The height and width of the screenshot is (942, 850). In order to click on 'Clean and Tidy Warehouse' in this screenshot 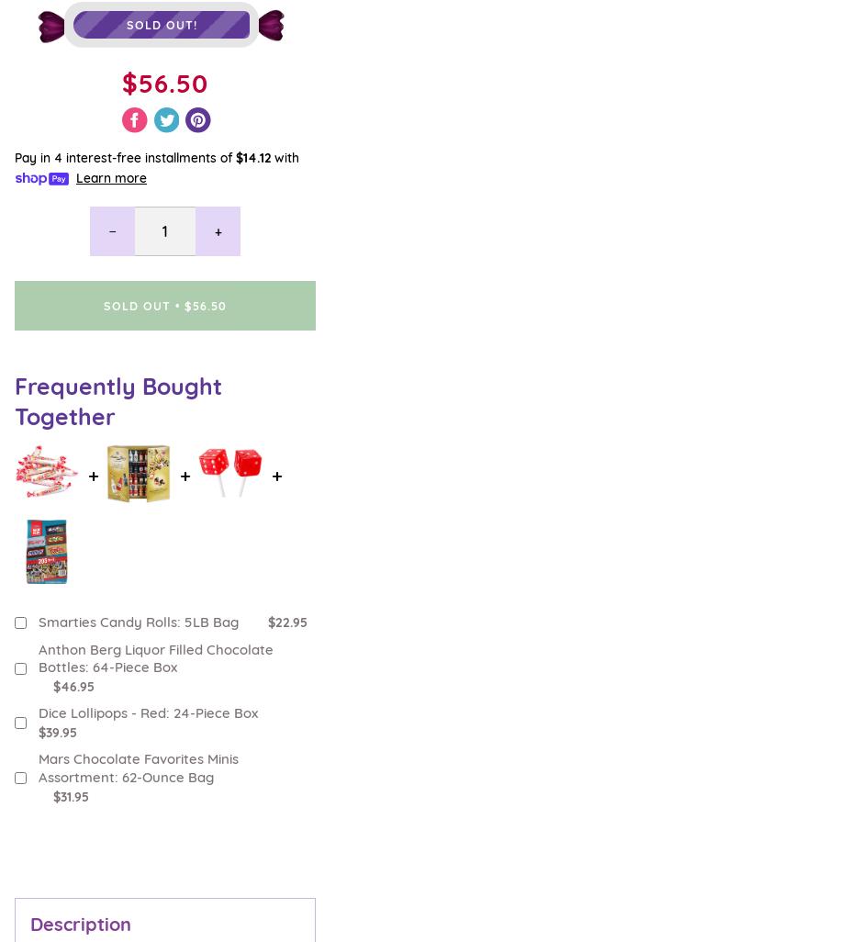, I will do `click(93, 748)`.